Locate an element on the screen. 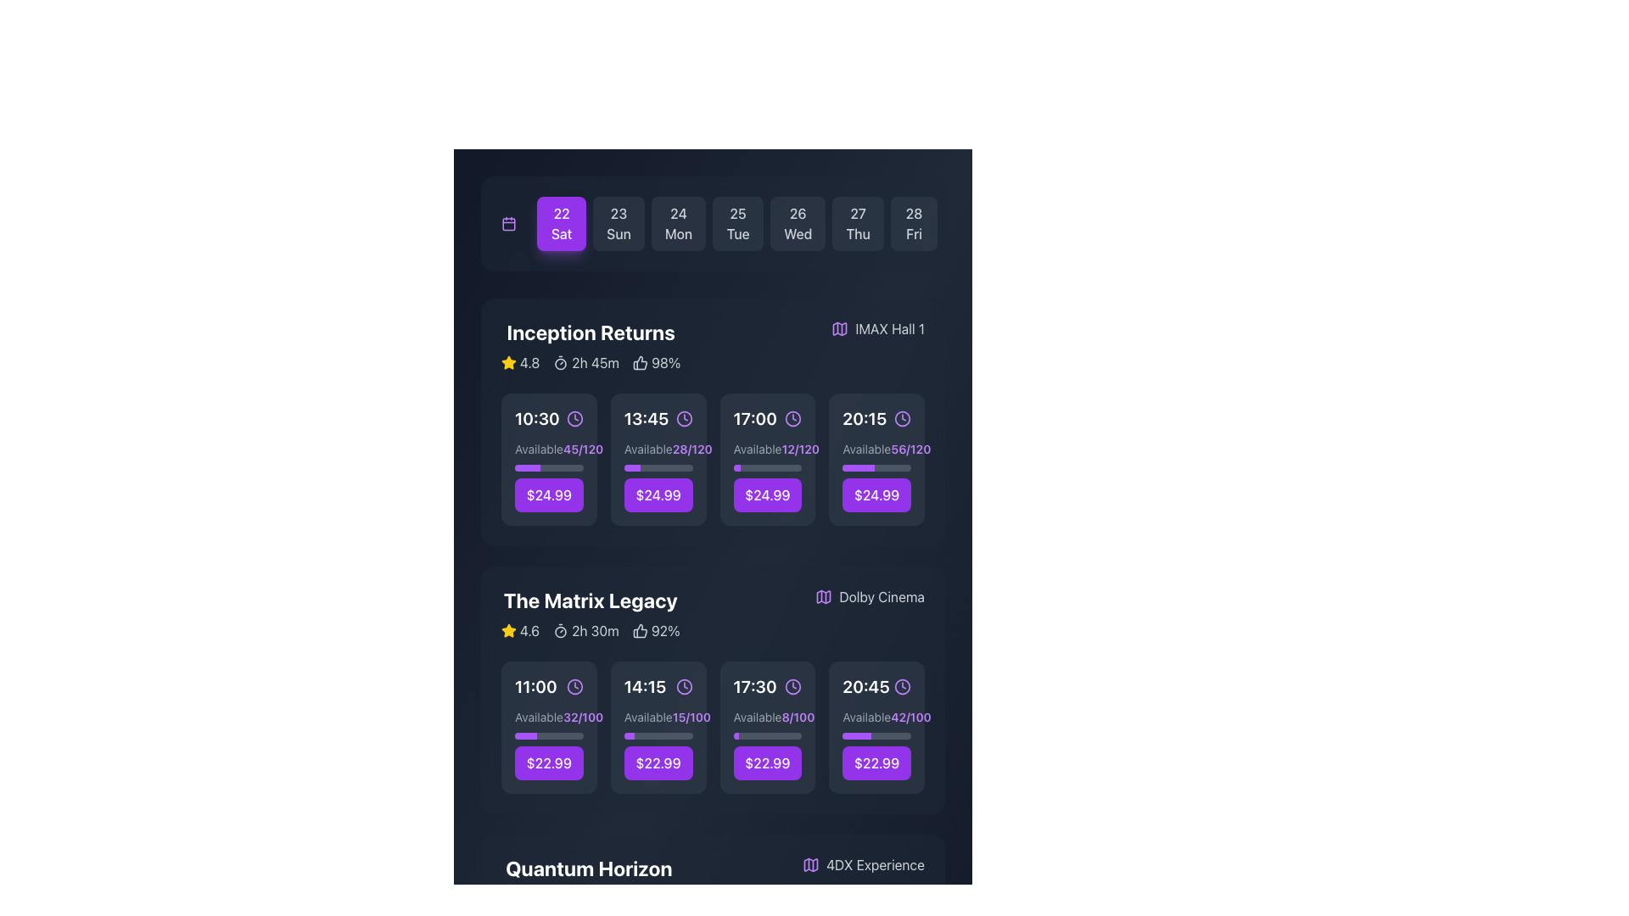  the circular outline of the clock icon located to the right of the '11:00' text in the second movie section for 'The Matrix Legacy' is located at coordinates (574, 687).